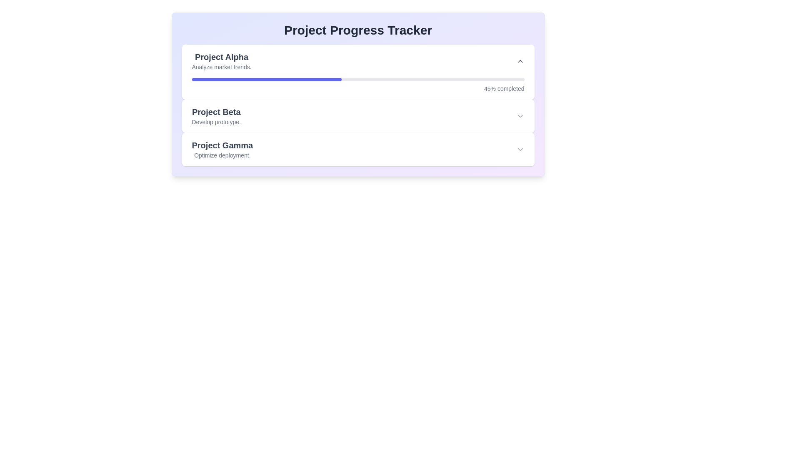 Image resolution: width=800 pixels, height=450 pixels. Describe the element at coordinates (267, 80) in the screenshot. I see `the filled portion of the progress bar indicating 45% completion under the 'Project Alpha' section` at that location.